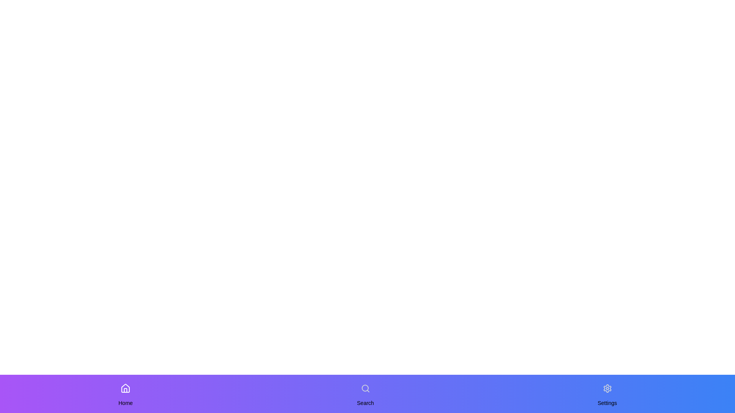 The image size is (735, 413). What do you see at coordinates (125, 388) in the screenshot?
I see `the navigation item Home to observe its visual effect` at bounding box center [125, 388].